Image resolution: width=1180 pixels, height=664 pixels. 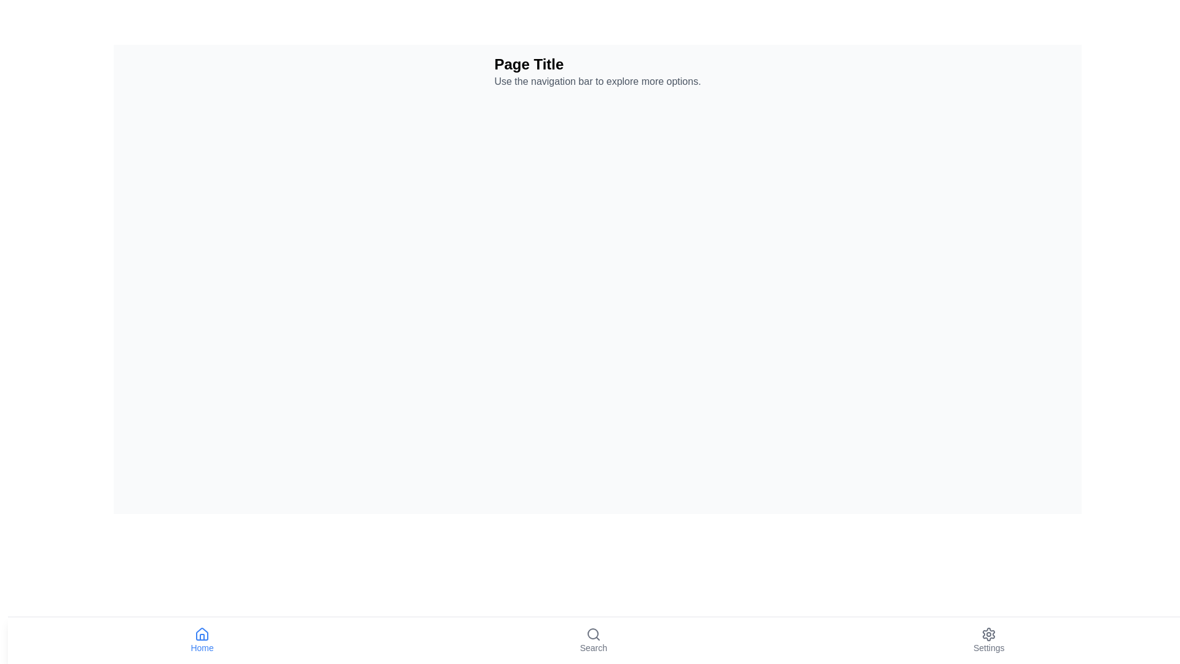 I want to click on the search button icon located in the center of the bottom navigation bar, so click(x=593, y=634).